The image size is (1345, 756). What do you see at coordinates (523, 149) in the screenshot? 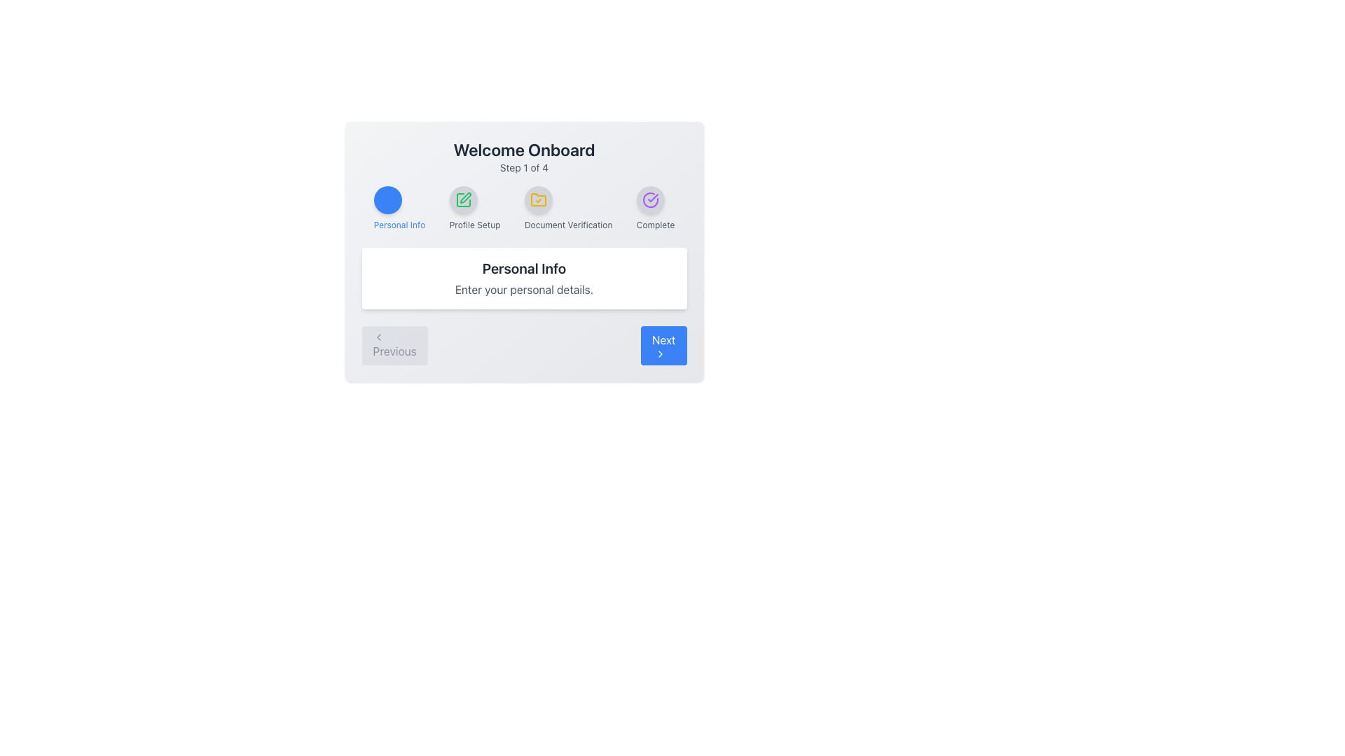
I see `static text element displaying 'Welcome Onboard', which is bold and centered near the top of the user interface` at bounding box center [523, 149].